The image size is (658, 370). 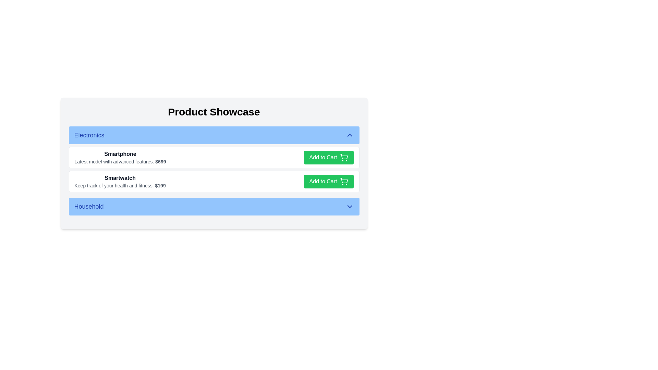 What do you see at coordinates (120, 186) in the screenshot?
I see `descriptive text content located below the 'Smartwatch' label in the 'Electronics' category section, which provides information about the smartwatch product's features and its price` at bounding box center [120, 186].